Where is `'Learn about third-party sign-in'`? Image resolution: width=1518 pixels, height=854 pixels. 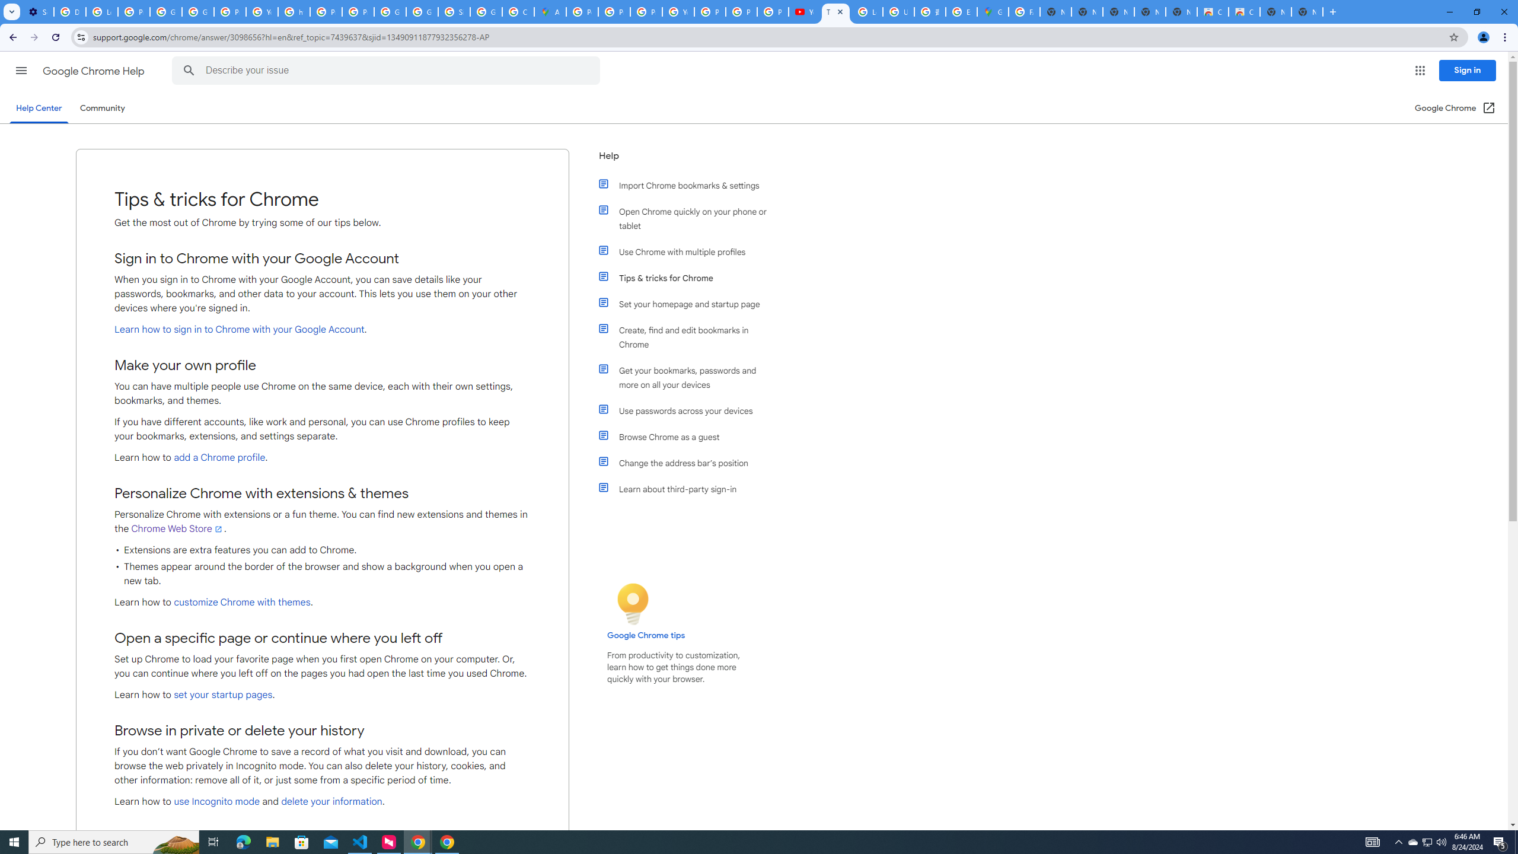 'Learn about third-party sign-in' is located at coordinates (689, 489).